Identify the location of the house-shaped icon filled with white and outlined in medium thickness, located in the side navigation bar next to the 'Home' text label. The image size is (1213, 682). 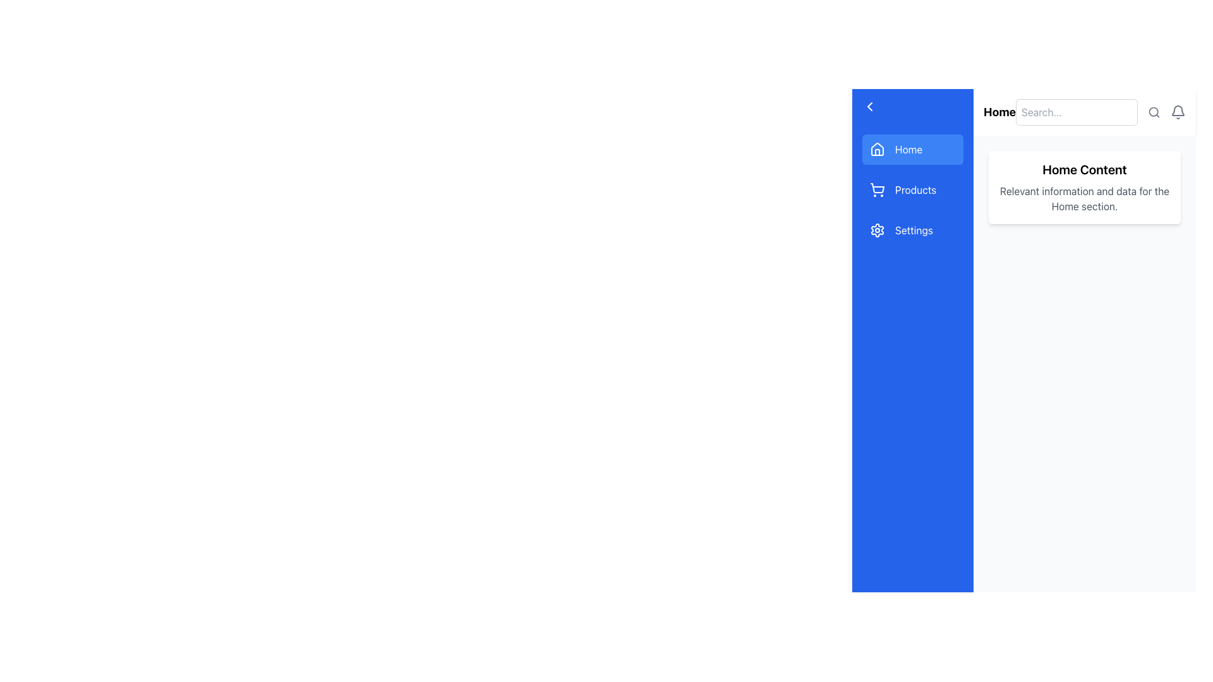
(876, 148).